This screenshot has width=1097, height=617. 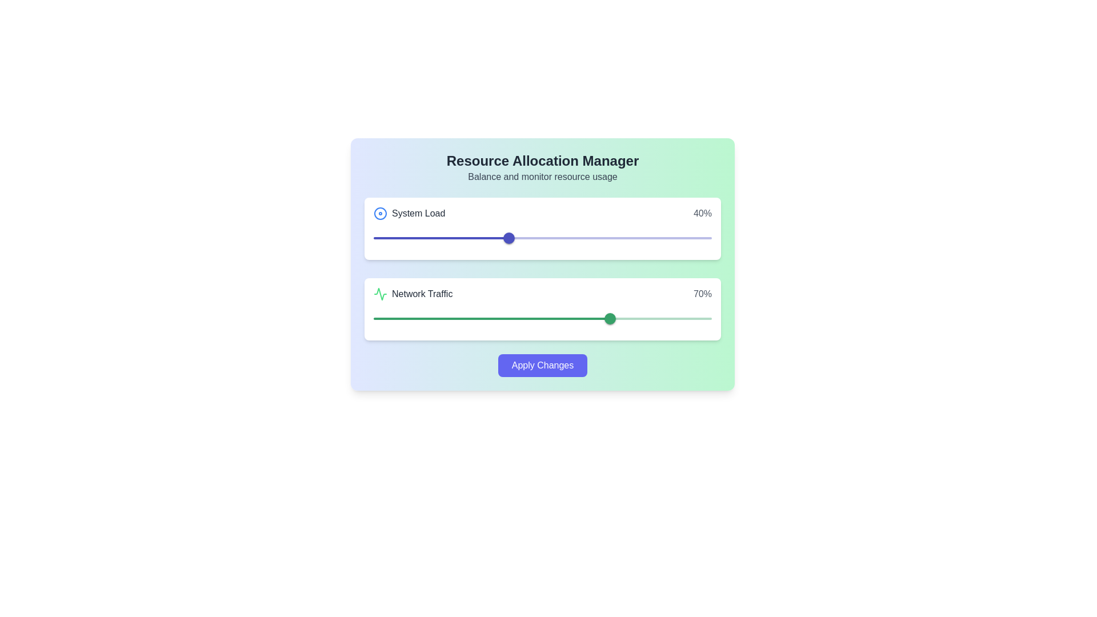 I want to click on the slider, so click(x=574, y=319).